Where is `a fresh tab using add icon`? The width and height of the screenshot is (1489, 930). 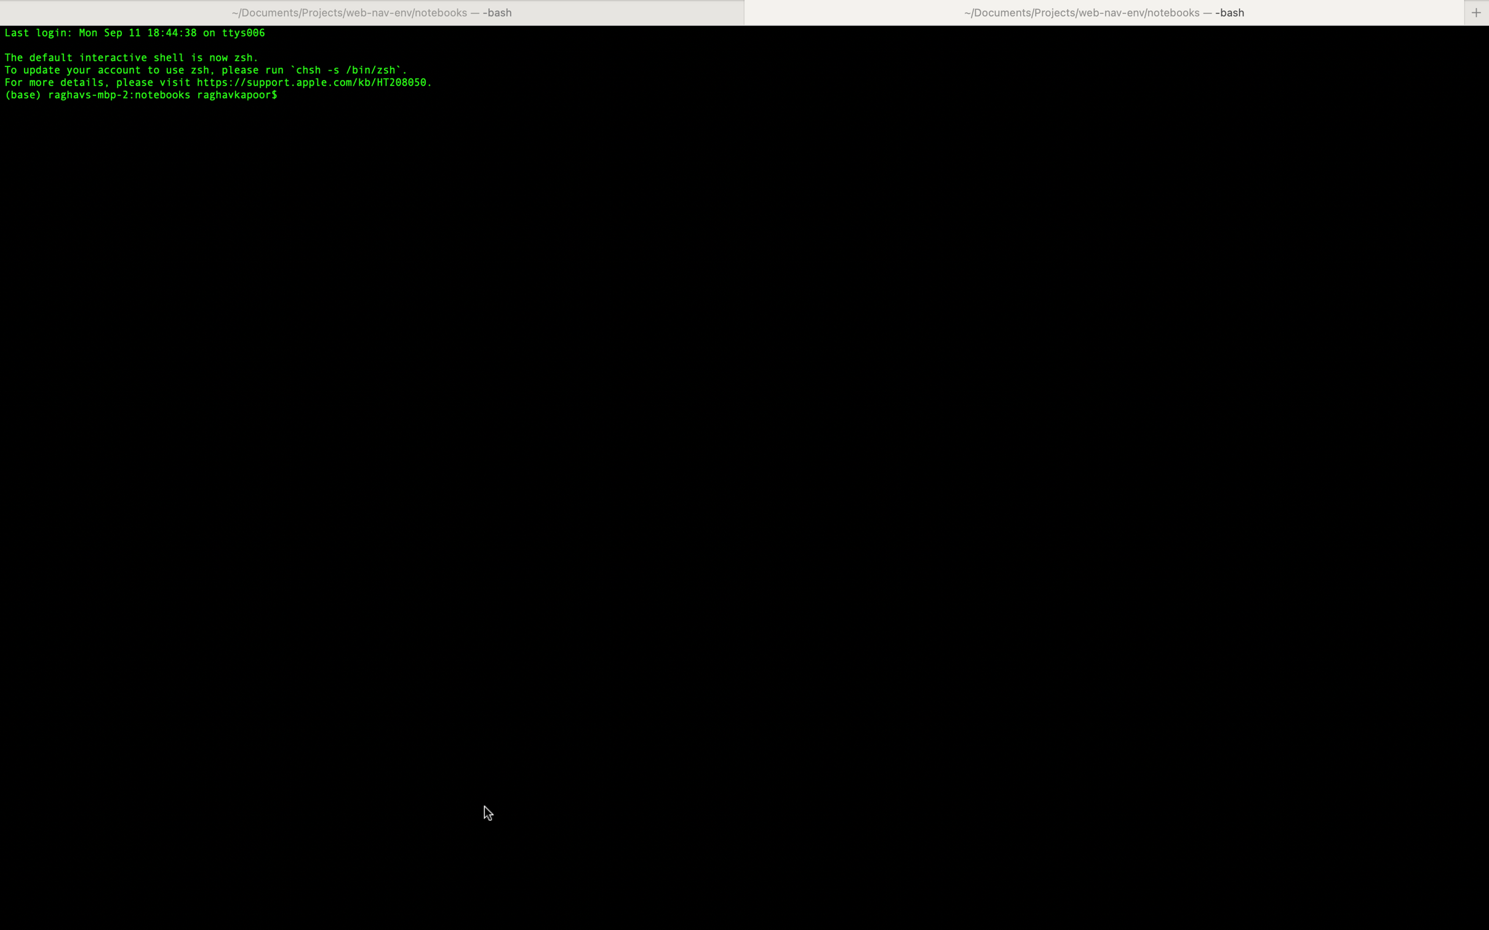 a fresh tab using add icon is located at coordinates (1477, 12).